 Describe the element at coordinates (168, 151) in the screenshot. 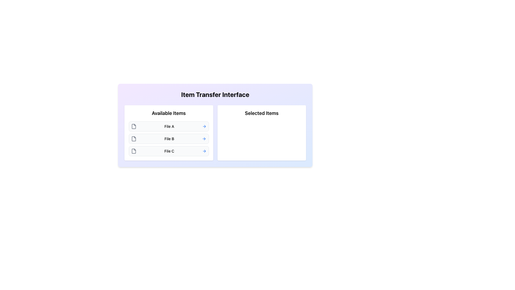

I see `the list item representing 'File C'` at that location.